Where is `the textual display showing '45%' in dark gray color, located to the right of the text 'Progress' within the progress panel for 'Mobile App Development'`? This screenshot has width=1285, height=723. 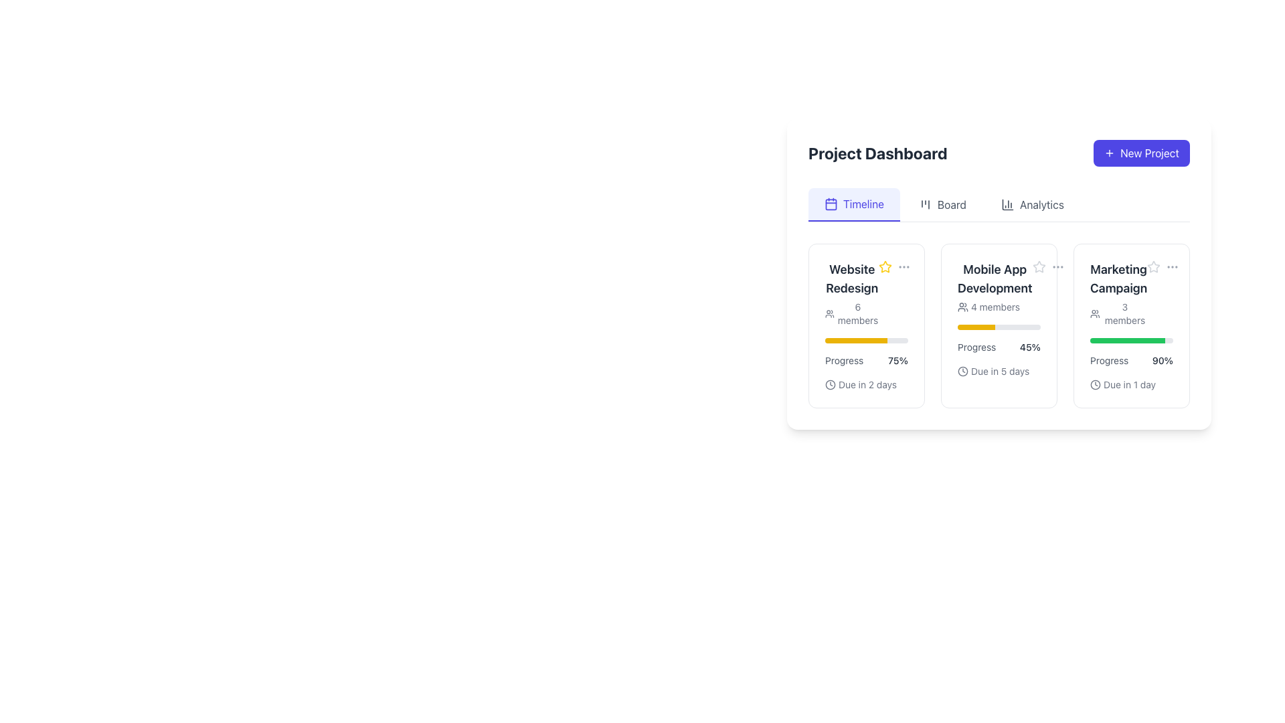
the textual display showing '45%' in dark gray color, located to the right of the text 'Progress' within the progress panel for 'Mobile App Development' is located at coordinates (1029, 347).